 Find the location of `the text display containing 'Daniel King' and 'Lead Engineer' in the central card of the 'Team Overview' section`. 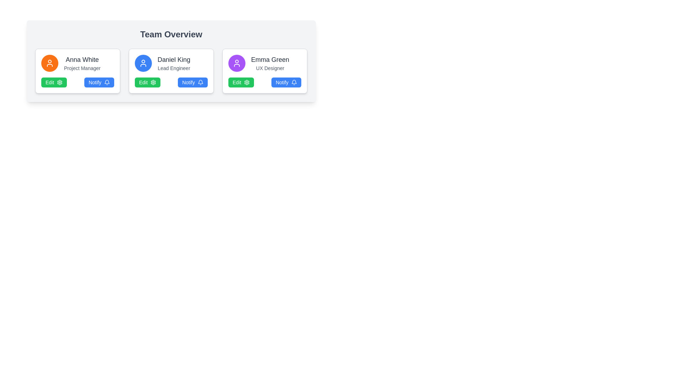

the text display containing 'Daniel King' and 'Lead Engineer' in the central card of the 'Team Overview' section is located at coordinates (174, 63).